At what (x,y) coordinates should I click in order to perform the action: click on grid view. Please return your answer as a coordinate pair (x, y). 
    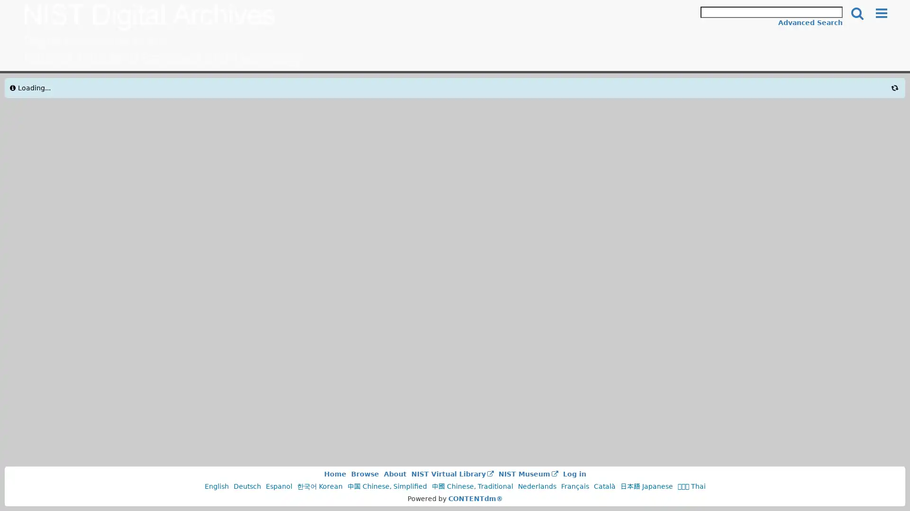
    Looking at the image, I should click on (710, 93).